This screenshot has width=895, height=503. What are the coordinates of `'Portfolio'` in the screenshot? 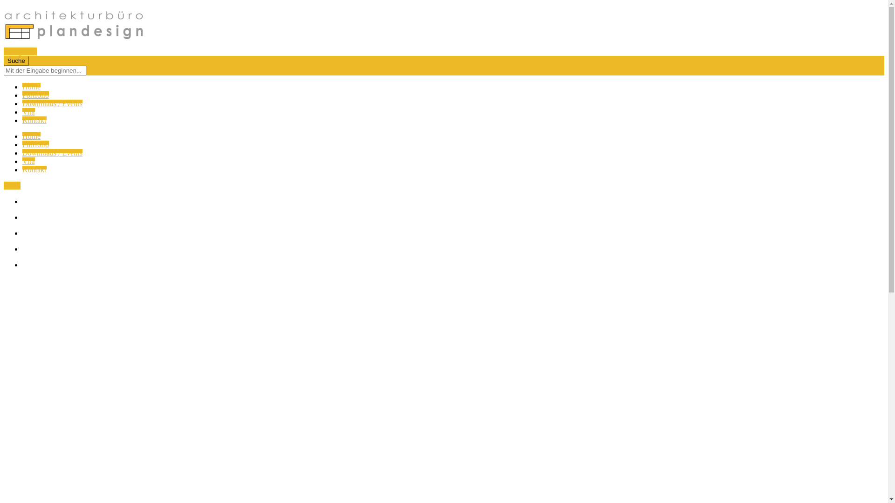 It's located at (35, 95).